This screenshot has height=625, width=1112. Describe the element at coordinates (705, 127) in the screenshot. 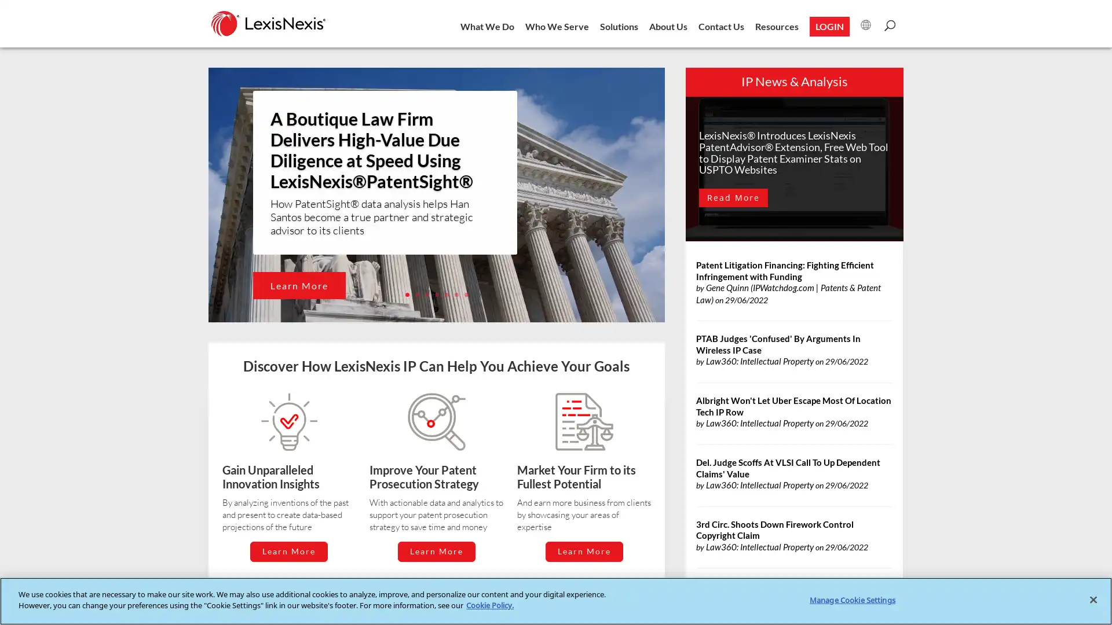

I see `Close` at that location.